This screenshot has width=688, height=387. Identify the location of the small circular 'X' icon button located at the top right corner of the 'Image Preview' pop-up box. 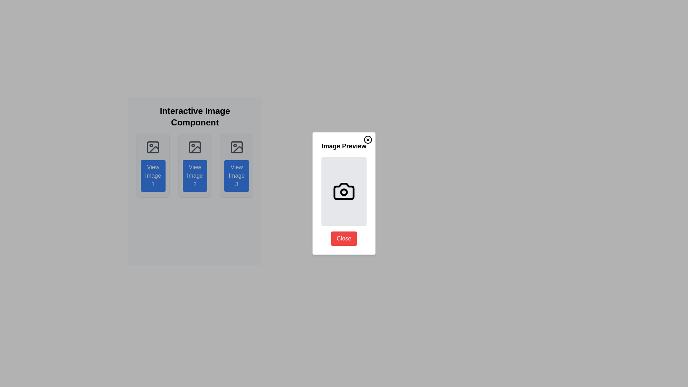
(368, 139).